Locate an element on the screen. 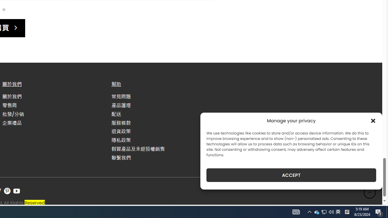 The height and width of the screenshot is (218, 388). 'Follow on YouTube' is located at coordinates (17, 191).